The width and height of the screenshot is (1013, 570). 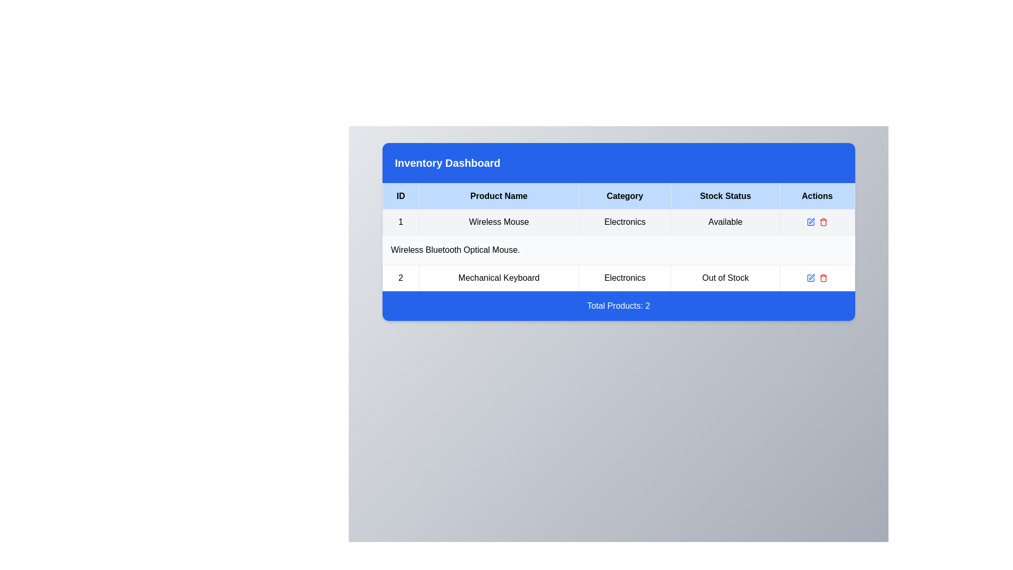 What do you see at coordinates (618, 306) in the screenshot?
I see `the Text Banner at the bottom of the panel that displays 'Total Products: 2' with a blue background and white text` at bounding box center [618, 306].